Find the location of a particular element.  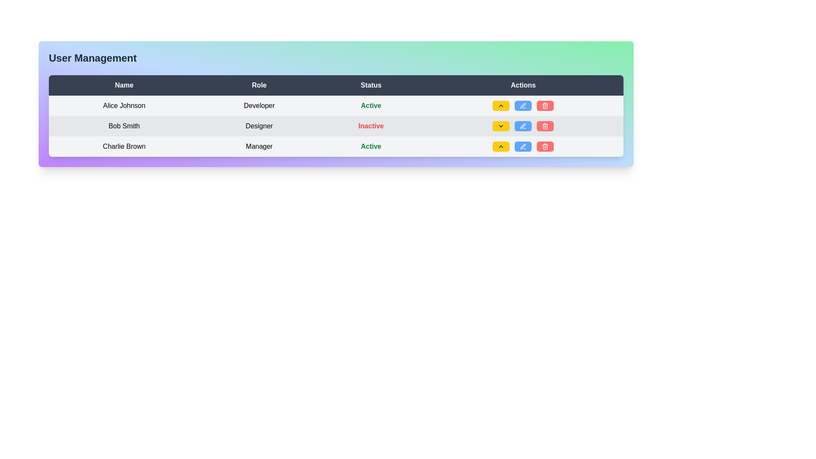

the icon embedded in the yellow button located in the 'Actions' column of the third row of the table to trigger potential hover effects is located at coordinates (501, 105).